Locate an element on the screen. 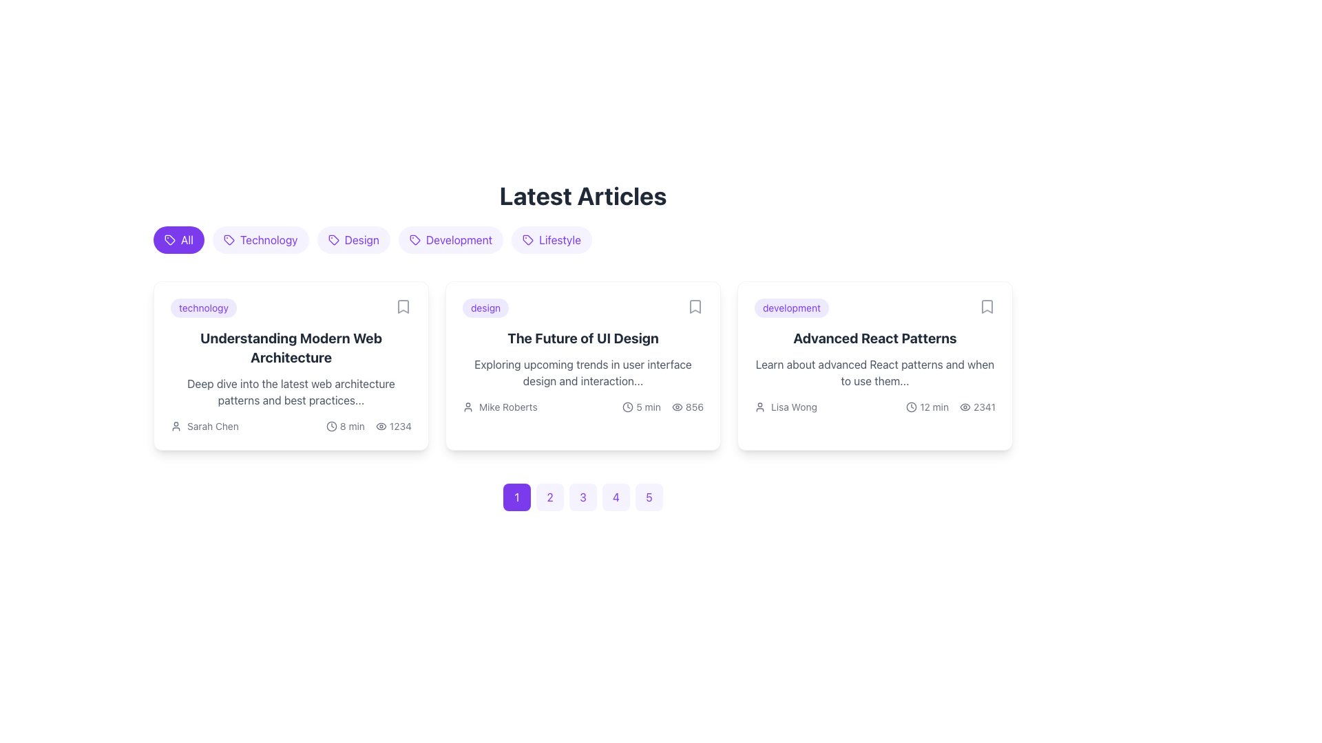  the user/avatar icon representing the author 'Sarah Chen', located to the left of the text, in the bottom-left section of the first article card is located at coordinates (175, 426).